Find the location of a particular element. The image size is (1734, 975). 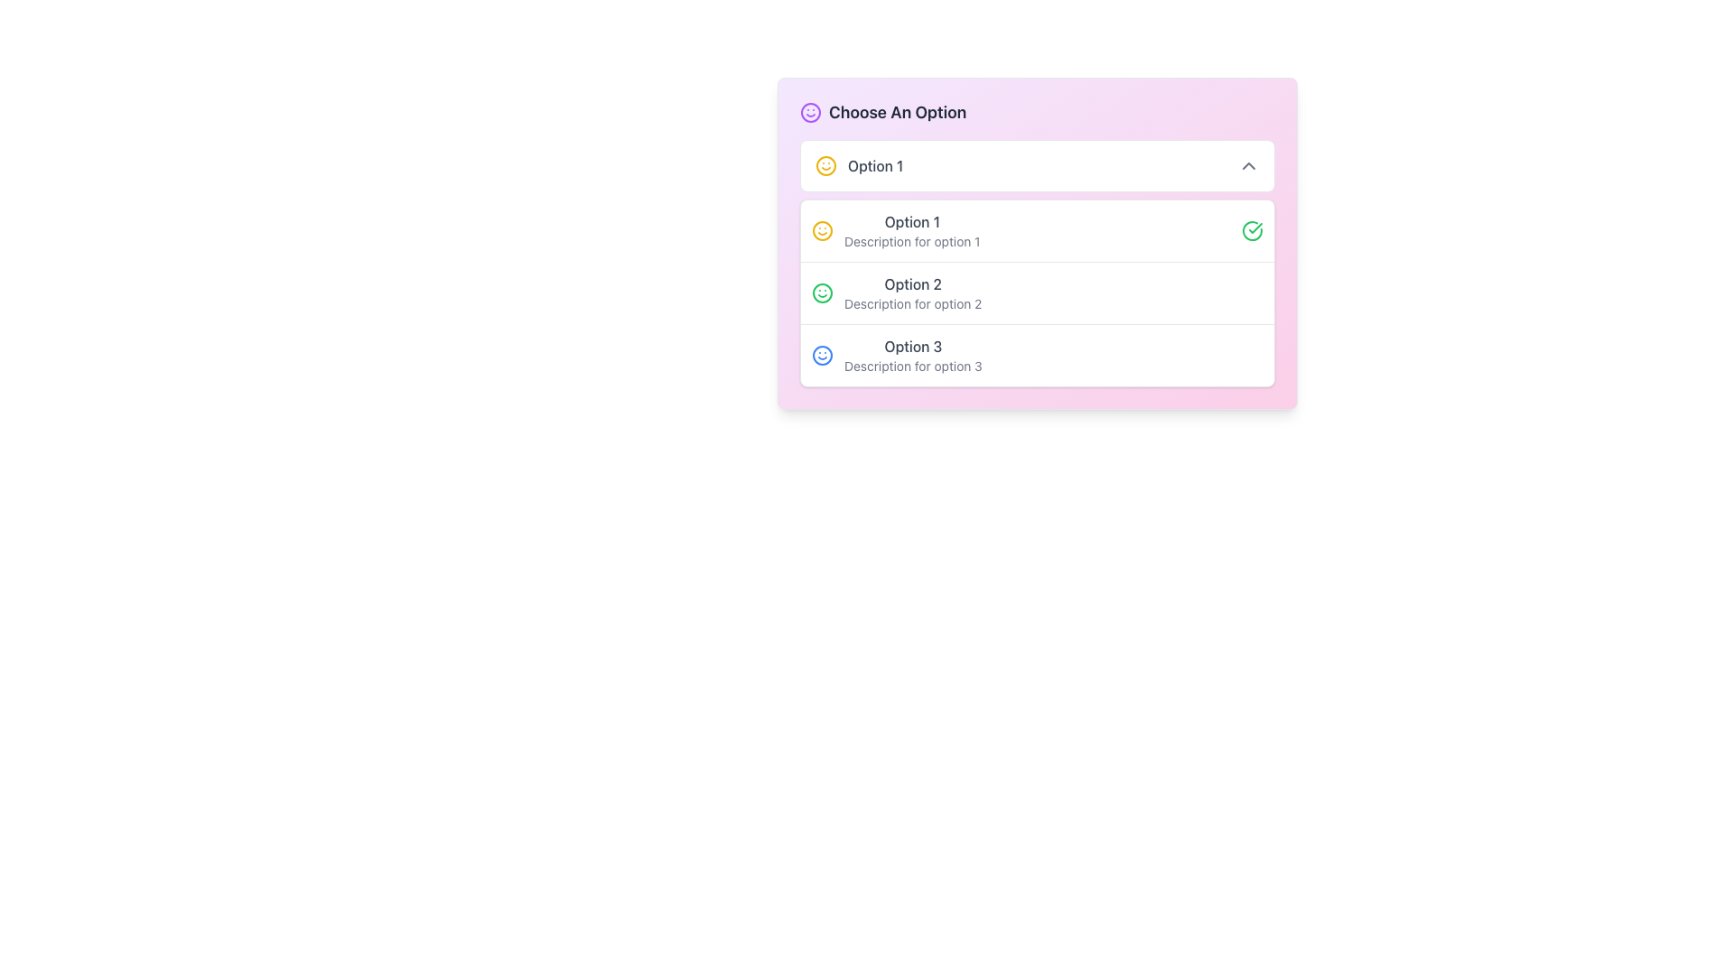

the confirmation icon next to 'Option 1' in the dropdown list, which indicates success for the selected option is located at coordinates (1254, 227).